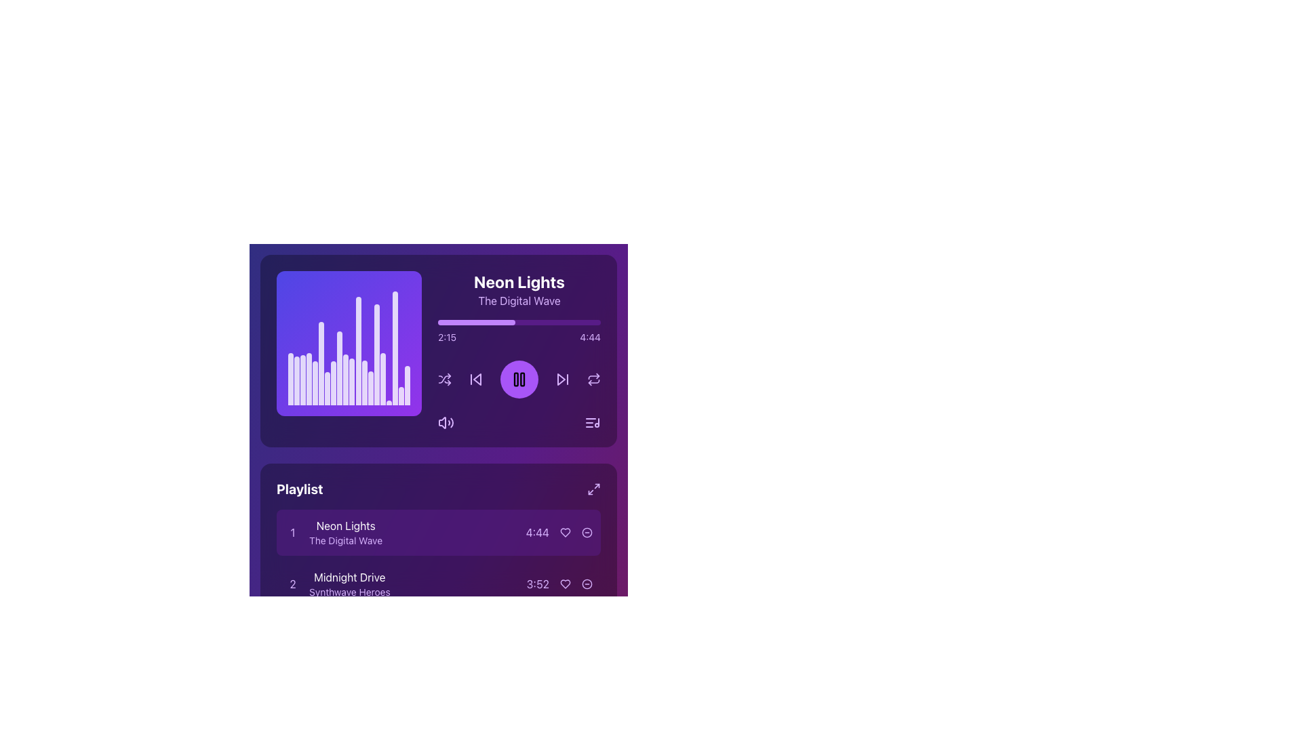 This screenshot has width=1302, height=732. Describe the element at coordinates (299, 489) in the screenshot. I see `the static text label that indicates the content relates to the playlist, positioned at the upper-left area of the playlist panel, above the list of song entries` at that location.